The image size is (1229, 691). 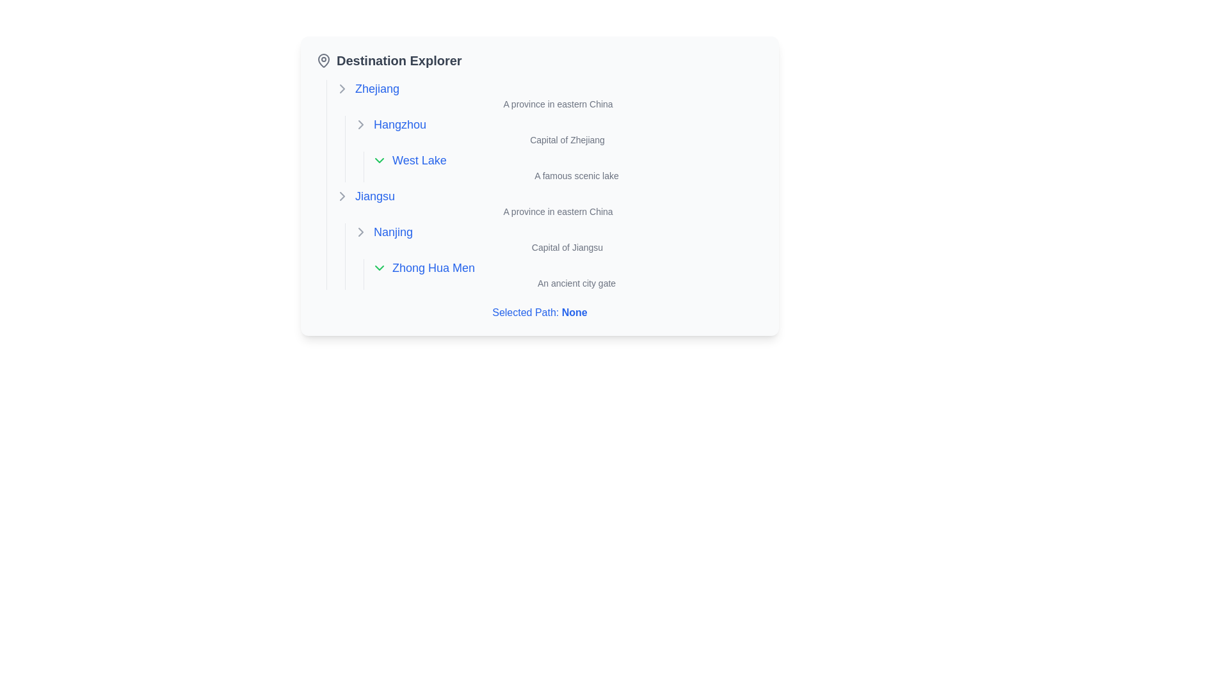 What do you see at coordinates (540, 61) in the screenshot?
I see `the header displaying 'Destination Explorer' with a location pin icon by moving the cursor to its center point` at bounding box center [540, 61].